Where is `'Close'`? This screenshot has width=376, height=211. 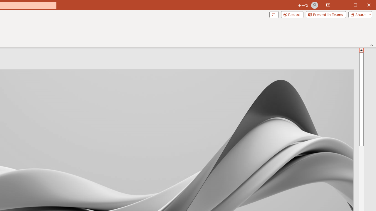
'Close' is located at coordinates (370, 6).